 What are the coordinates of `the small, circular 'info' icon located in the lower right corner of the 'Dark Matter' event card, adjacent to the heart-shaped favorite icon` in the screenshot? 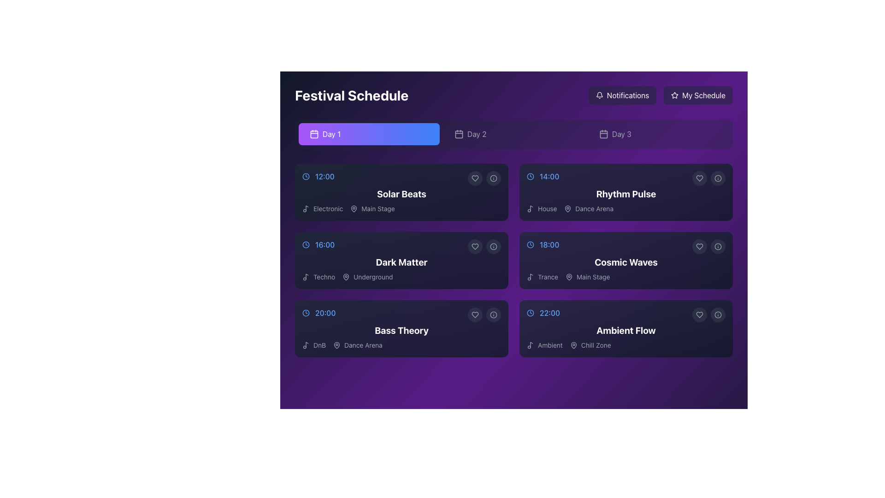 It's located at (493, 246).